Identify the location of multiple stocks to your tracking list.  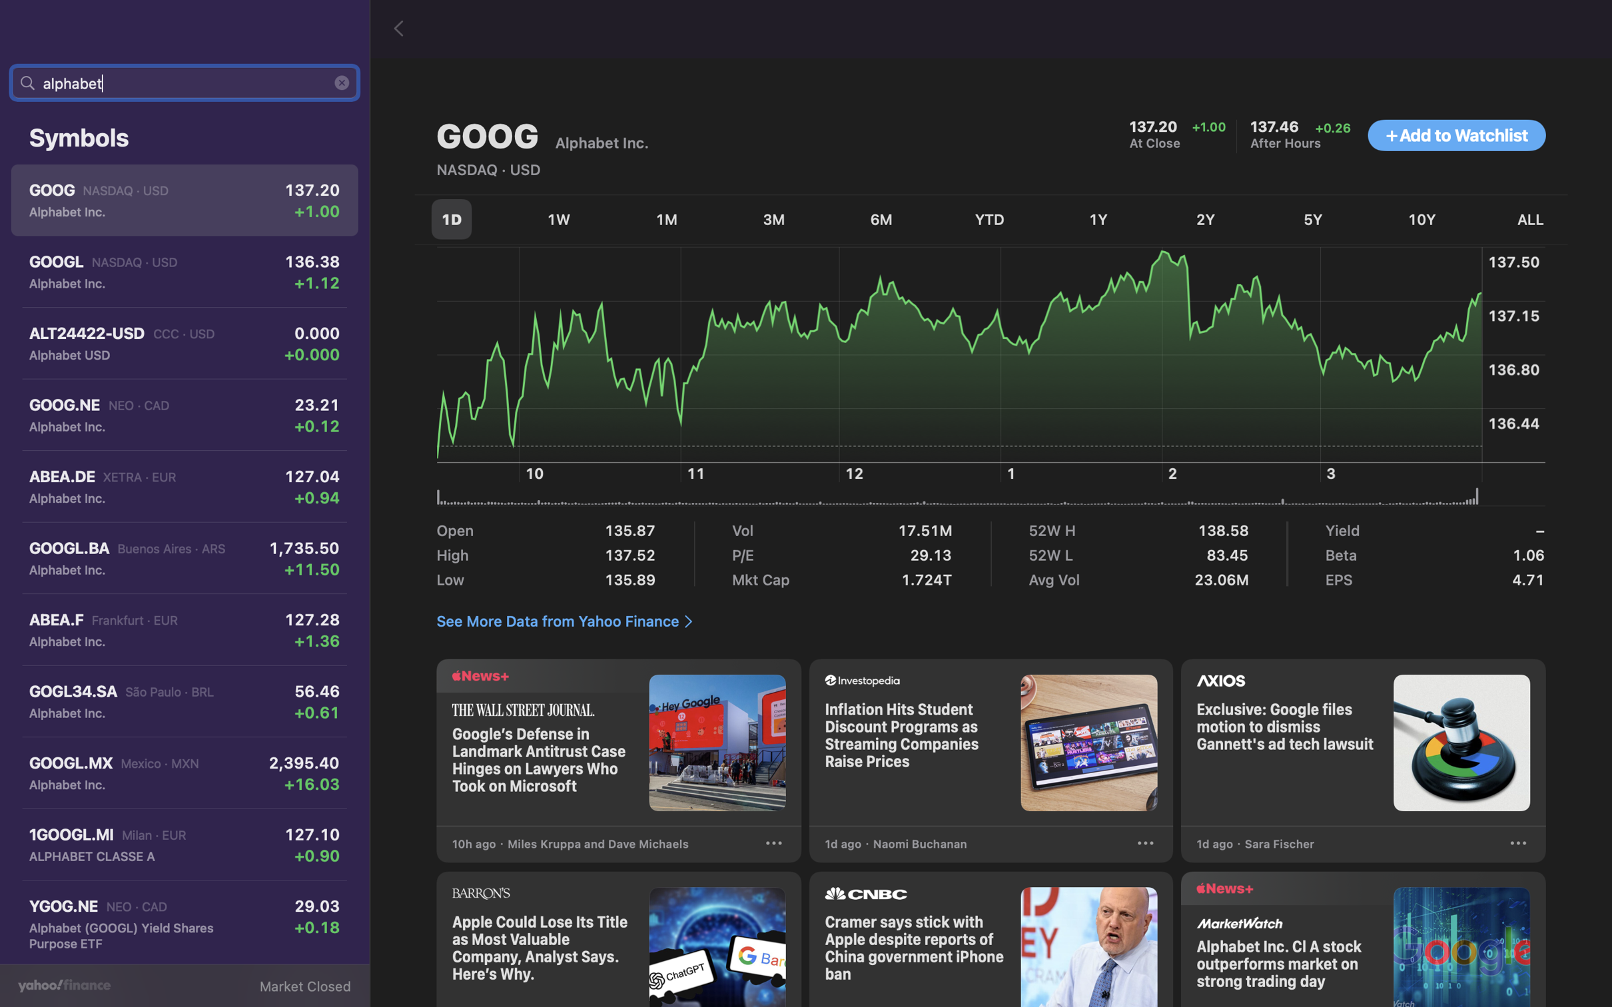
(1456, 136).